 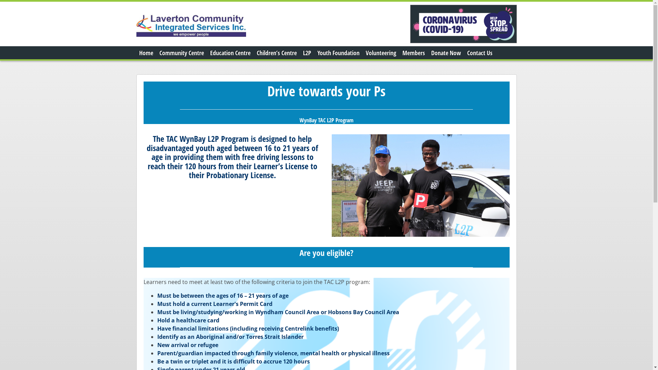 I want to click on 'Volunteering', so click(x=380, y=52).